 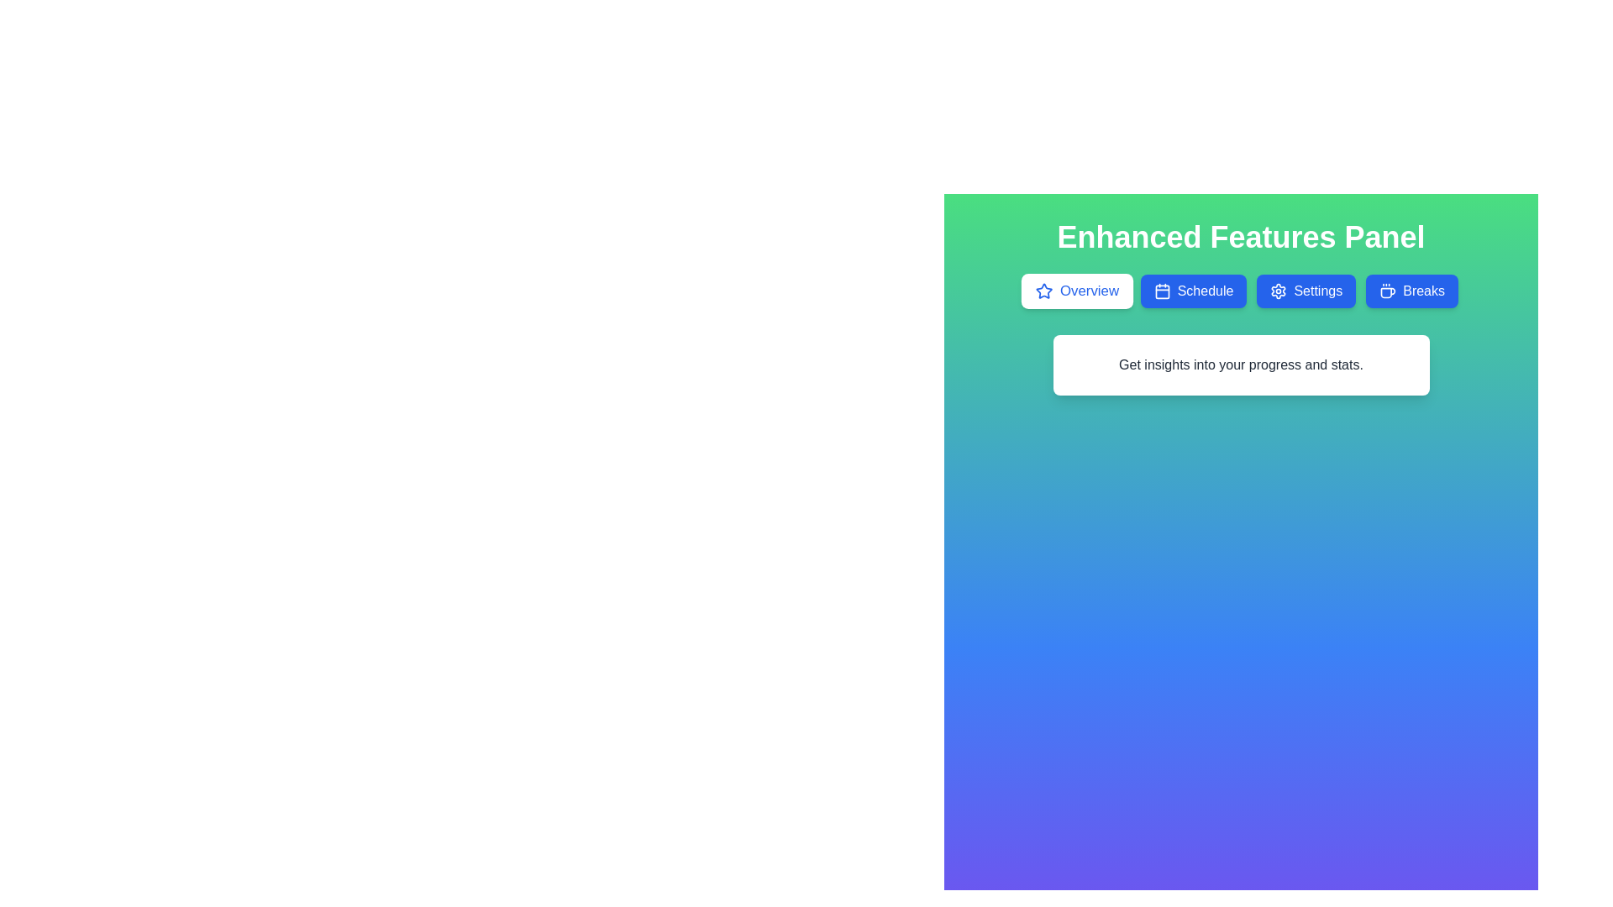 What do you see at coordinates (1043, 290) in the screenshot?
I see `the star-shaped icon with a blue outline located inside the 'Overview' button for accessibility interactions` at bounding box center [1043, 290].